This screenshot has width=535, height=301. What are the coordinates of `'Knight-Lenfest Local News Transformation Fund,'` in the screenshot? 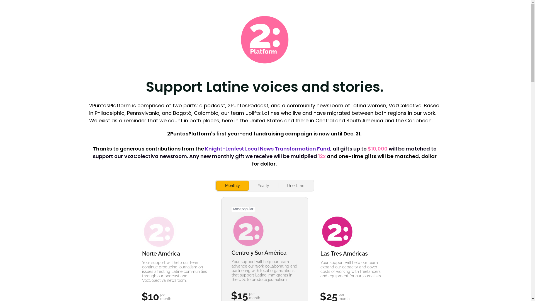 It's located at (269, 148).